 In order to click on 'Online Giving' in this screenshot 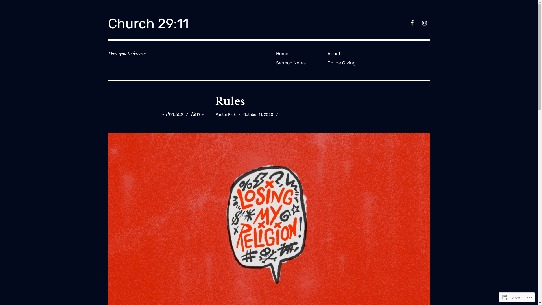, I will do `click(351, 63)`.